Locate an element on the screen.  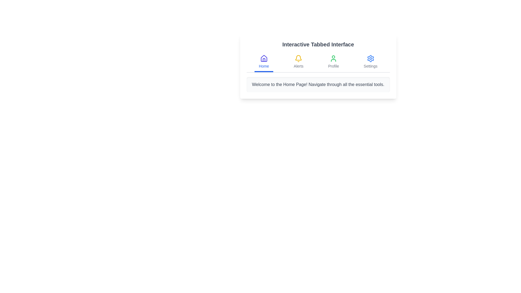
the Alerts tab to inspect its content is located at coordinates (298, 62).